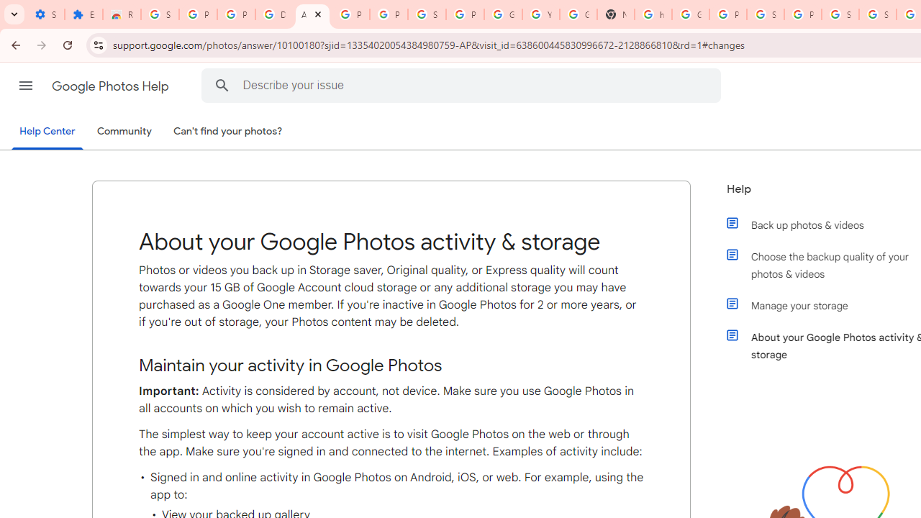 The width and height of the screenshot is (921, 518). What do you see at coordinates (83, 14) in the screenshot?
I see `'Extensions'` at bounding box center [83, 14].